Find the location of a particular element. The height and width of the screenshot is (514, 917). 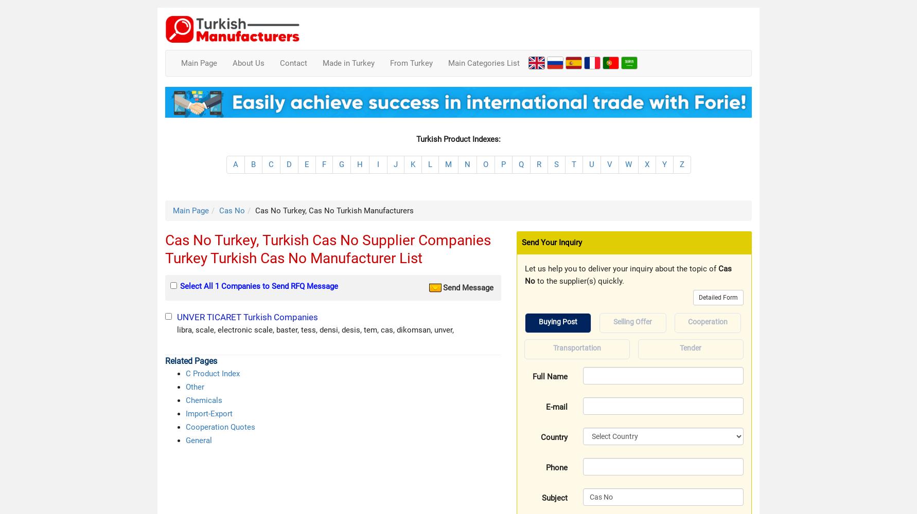

'Main Categories List' is located at coordinates (484, 63).